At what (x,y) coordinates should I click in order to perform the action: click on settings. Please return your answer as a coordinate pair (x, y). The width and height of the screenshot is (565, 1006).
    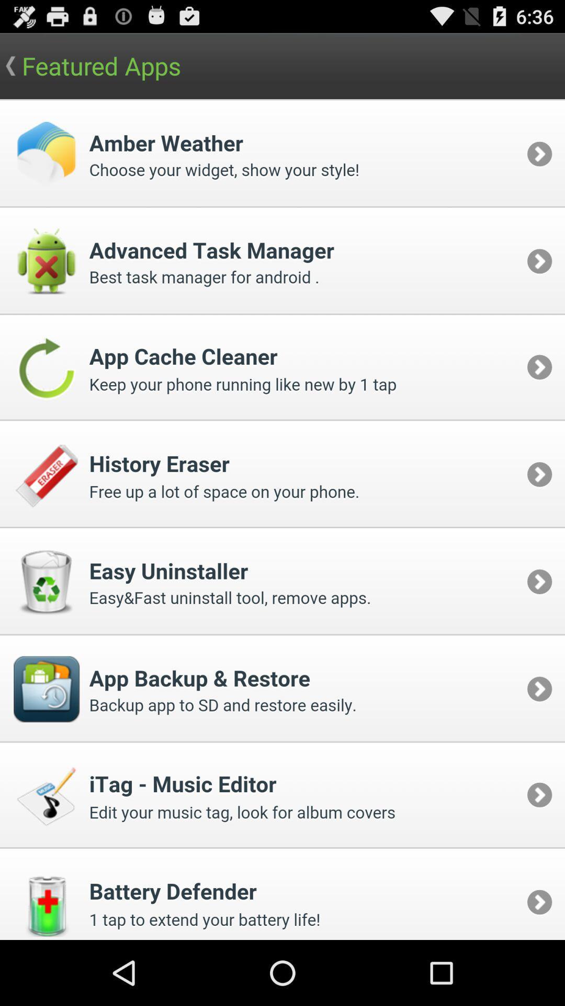
    Looking at the image, I should click on (282, 519).